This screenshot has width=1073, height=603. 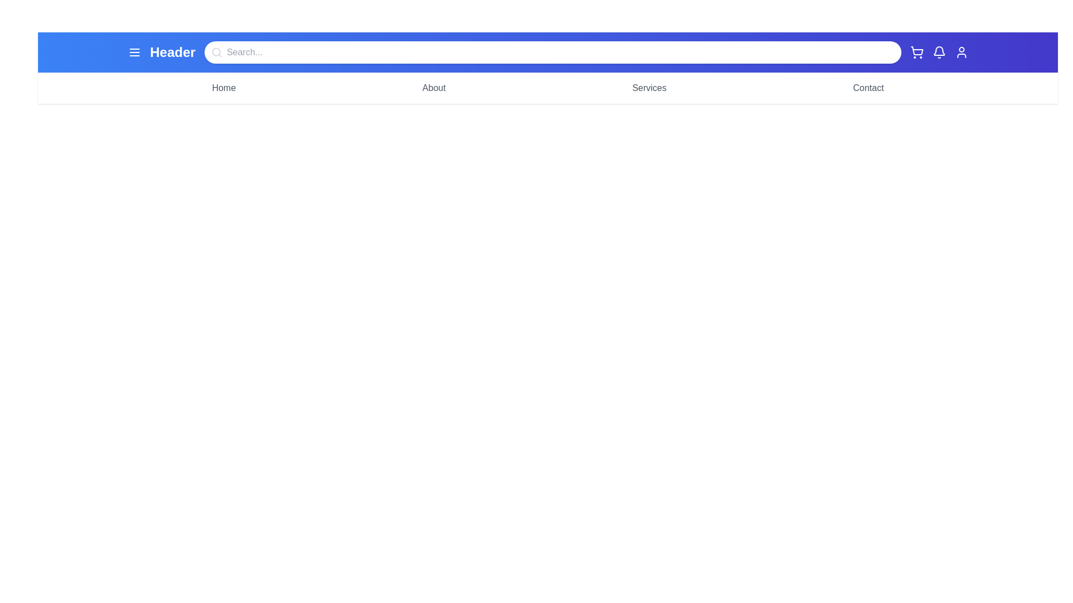 I want to click on the search field to focus it, so click(x=552, y=52).